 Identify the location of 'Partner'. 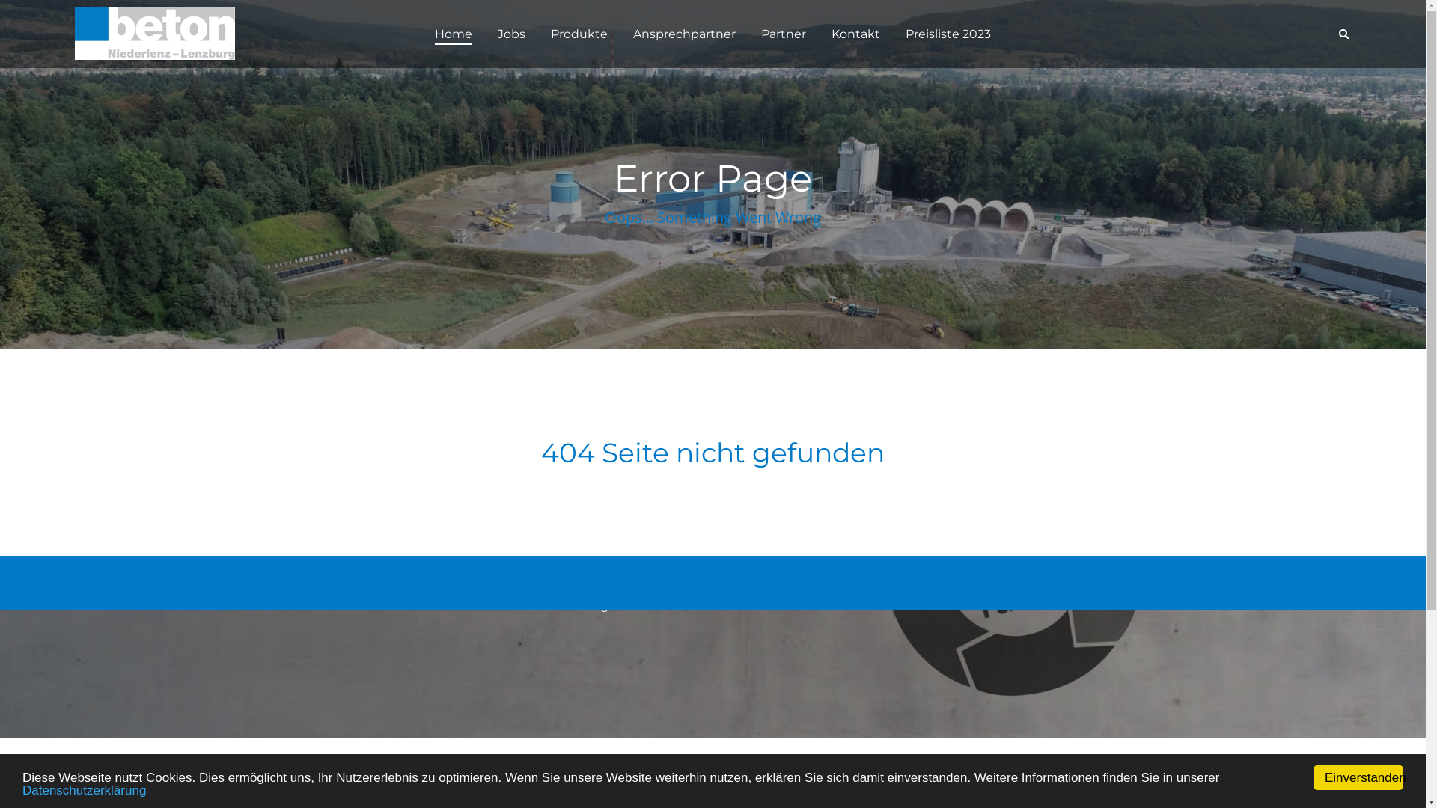
(754, 34).